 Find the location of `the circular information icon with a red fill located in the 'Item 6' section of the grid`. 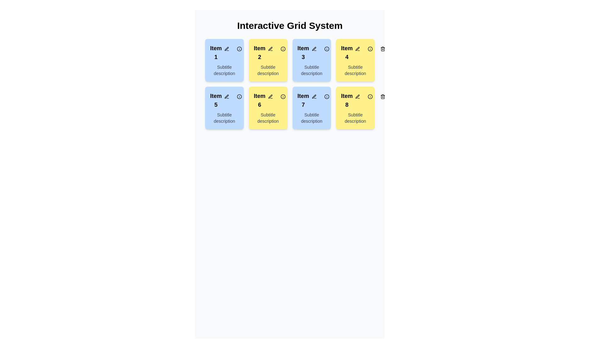

the circular information icon with a red fill located in the 'Item 6' section of the grid is located at coordinates (282, 97).